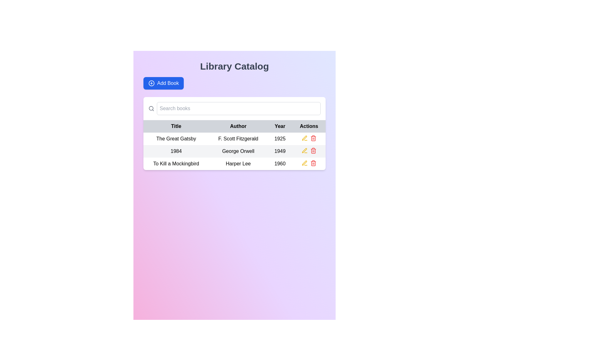 This screenshot has width=600, height=337. Describe the element at coordinates (234, 126) in the screenshot. I see `the table header cell that labels the authors of books, located between the 'Title' and 'Year' columns` at that location.